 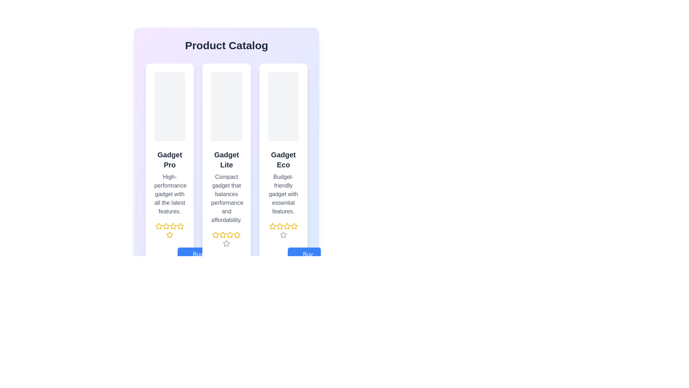 I want to click on the fourth star icon in the rating widget for 'Gadget Lite', so click(x=237, y=235).